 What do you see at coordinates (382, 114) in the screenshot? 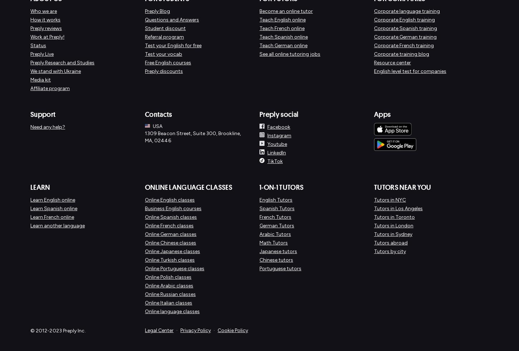
I see `'Apps'` at bounding box center [382, 114].